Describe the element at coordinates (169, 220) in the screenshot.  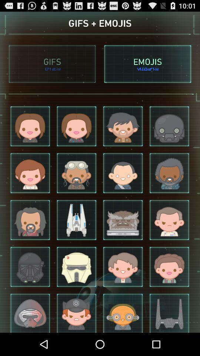
I see `the fourth image in the third row` at that location.